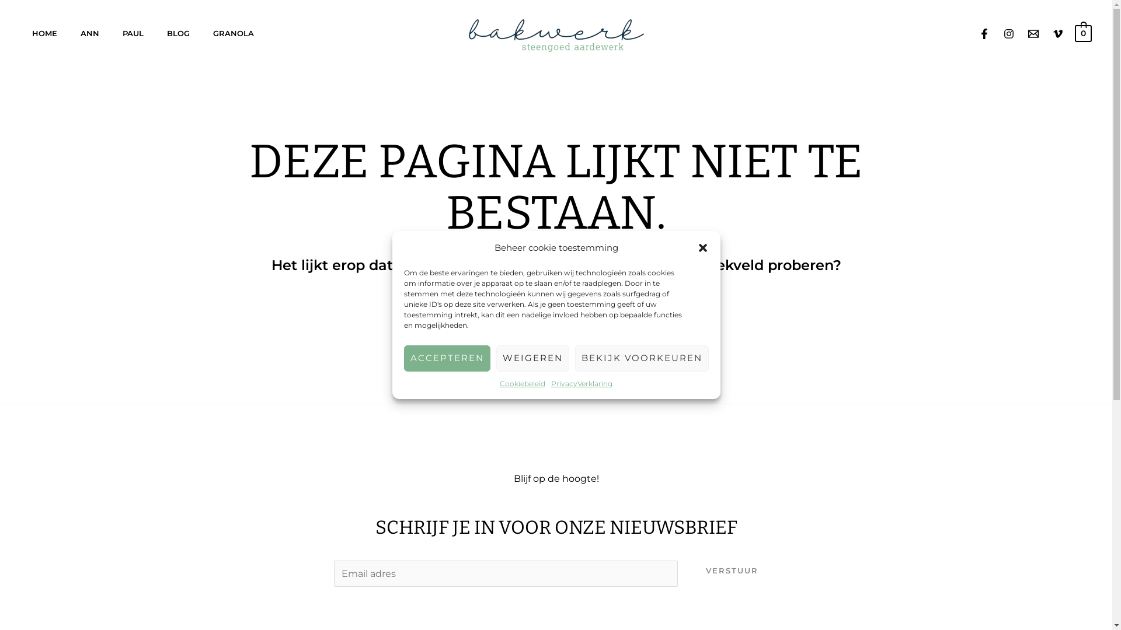 The width and height of the screenshot is (1121, 630). Describe the element at coordinates (640, 358) in the screenshot. I see `'BEKIJK VOORKEUREN'` at that location.